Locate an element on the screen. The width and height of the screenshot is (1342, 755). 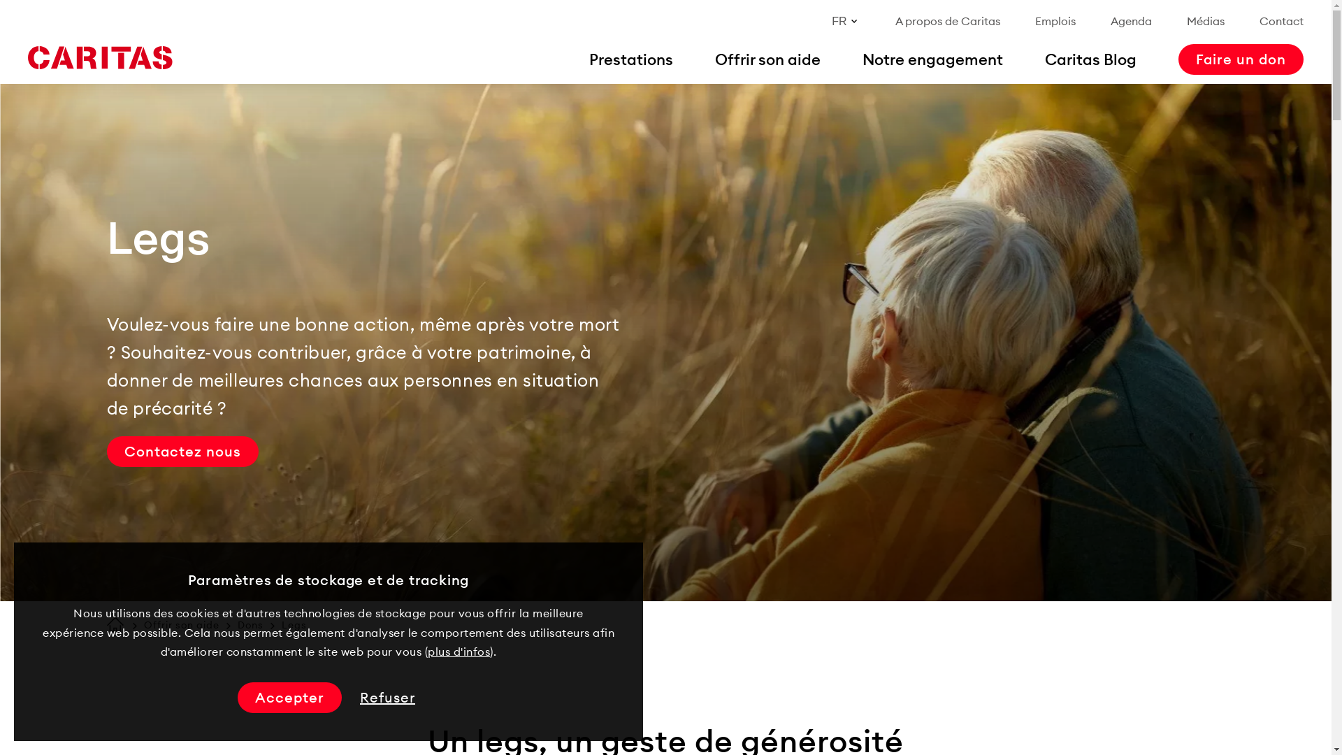
'Open sub menu' is located at coordinates (17, 17).